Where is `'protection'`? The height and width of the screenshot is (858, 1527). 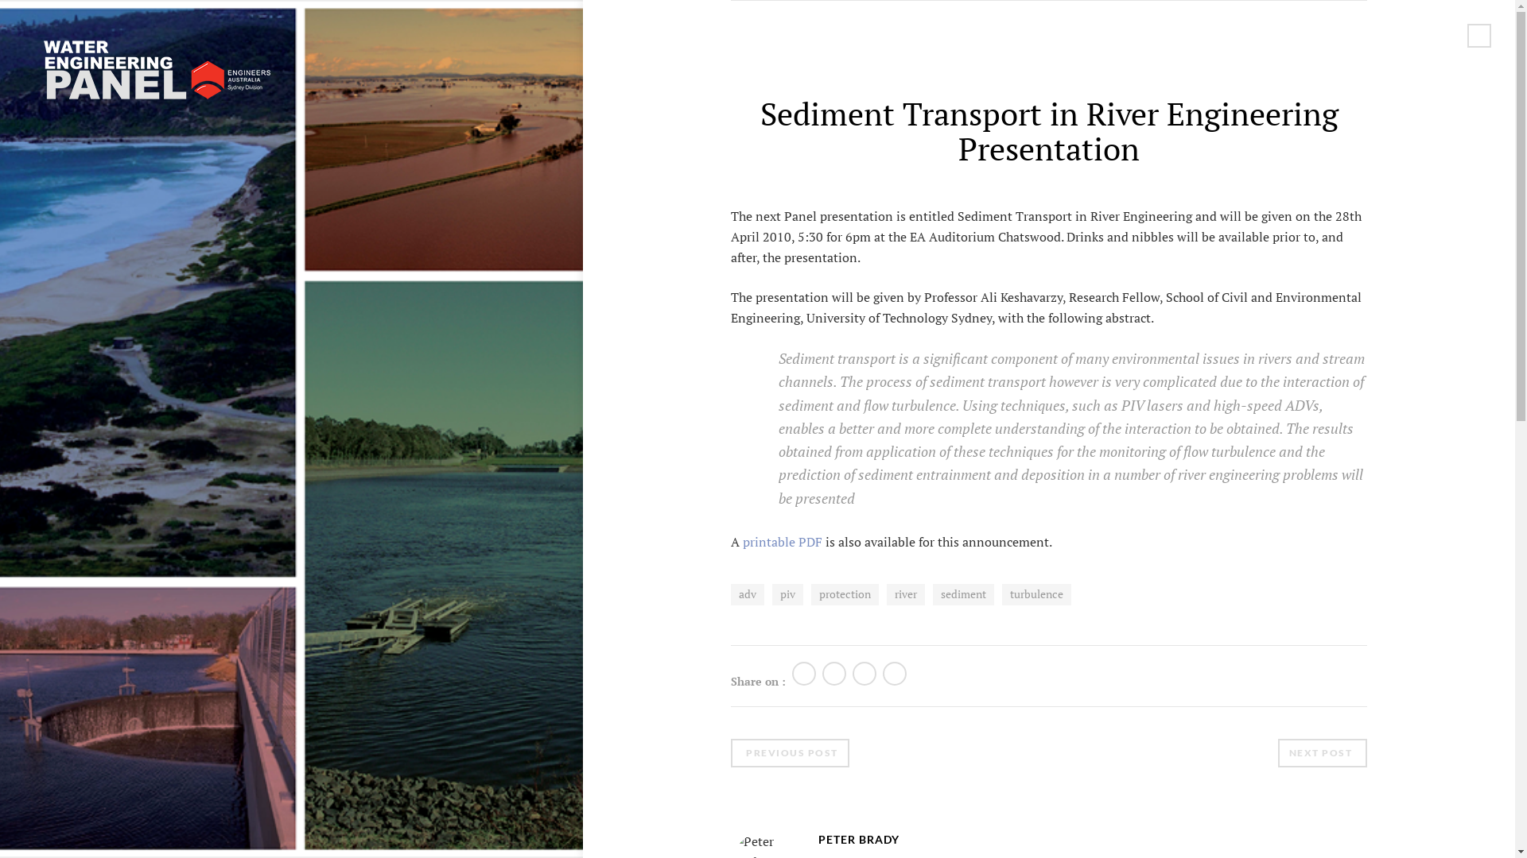 'protection' is located at coordinates (844, 594).